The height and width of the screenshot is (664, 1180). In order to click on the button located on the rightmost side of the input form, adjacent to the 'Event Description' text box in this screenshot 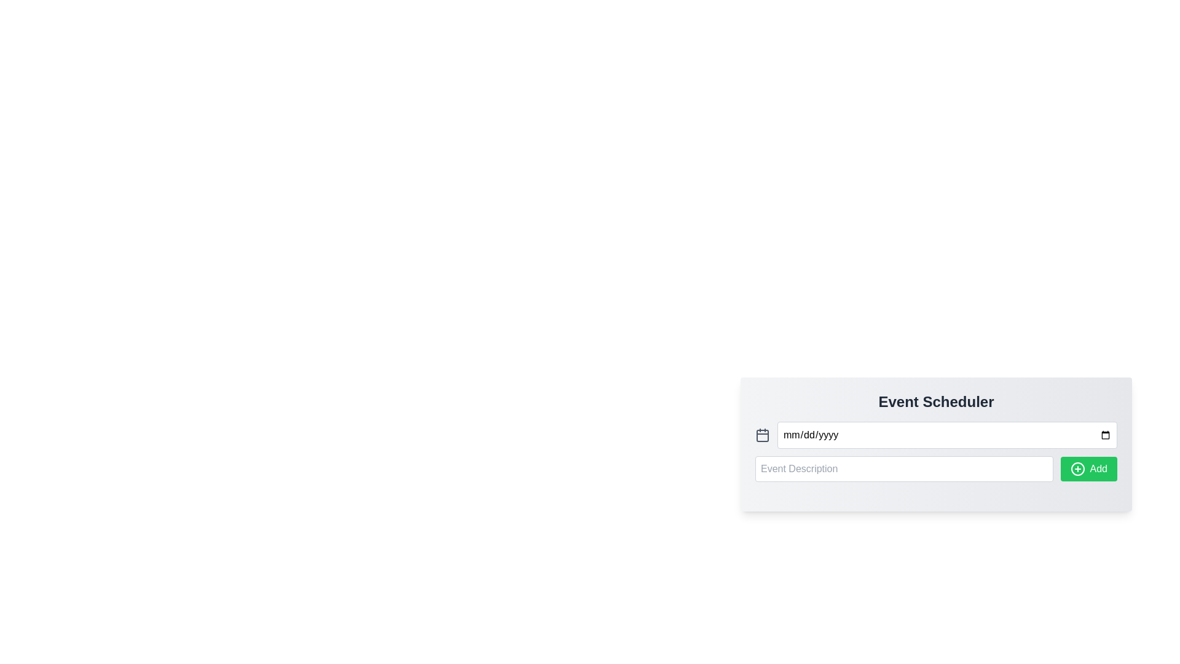, I will do `click(1088, 469)`.